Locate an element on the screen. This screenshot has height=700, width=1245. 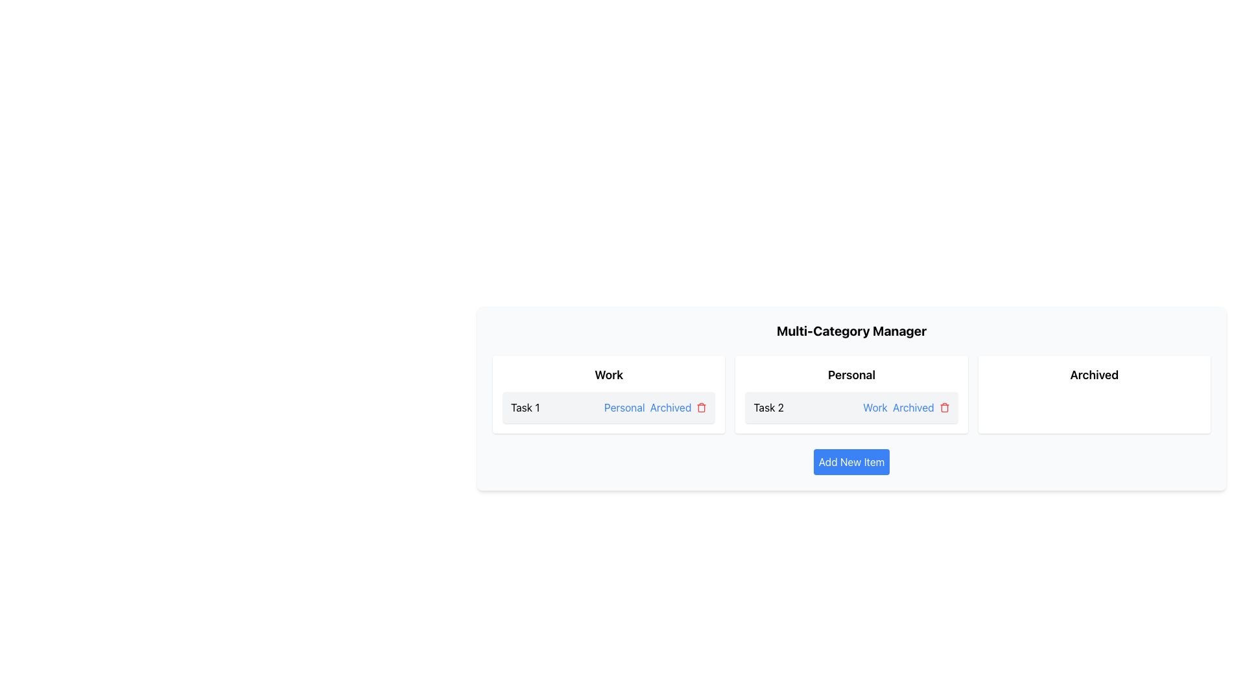
the red-colored trash icon button located next to the blue 'Archived' link in the 'Personal' section of the task management interface is located at coordinates (944, 406).